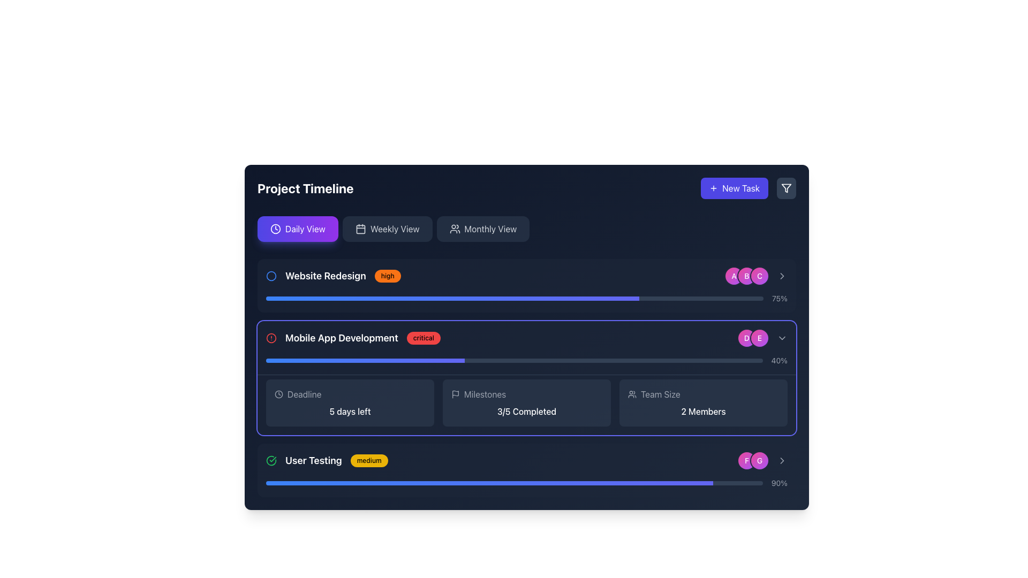  What do you see at coordinates (493, 299) in the screenshot?
I see `progress` at bounding box center [493, 299].